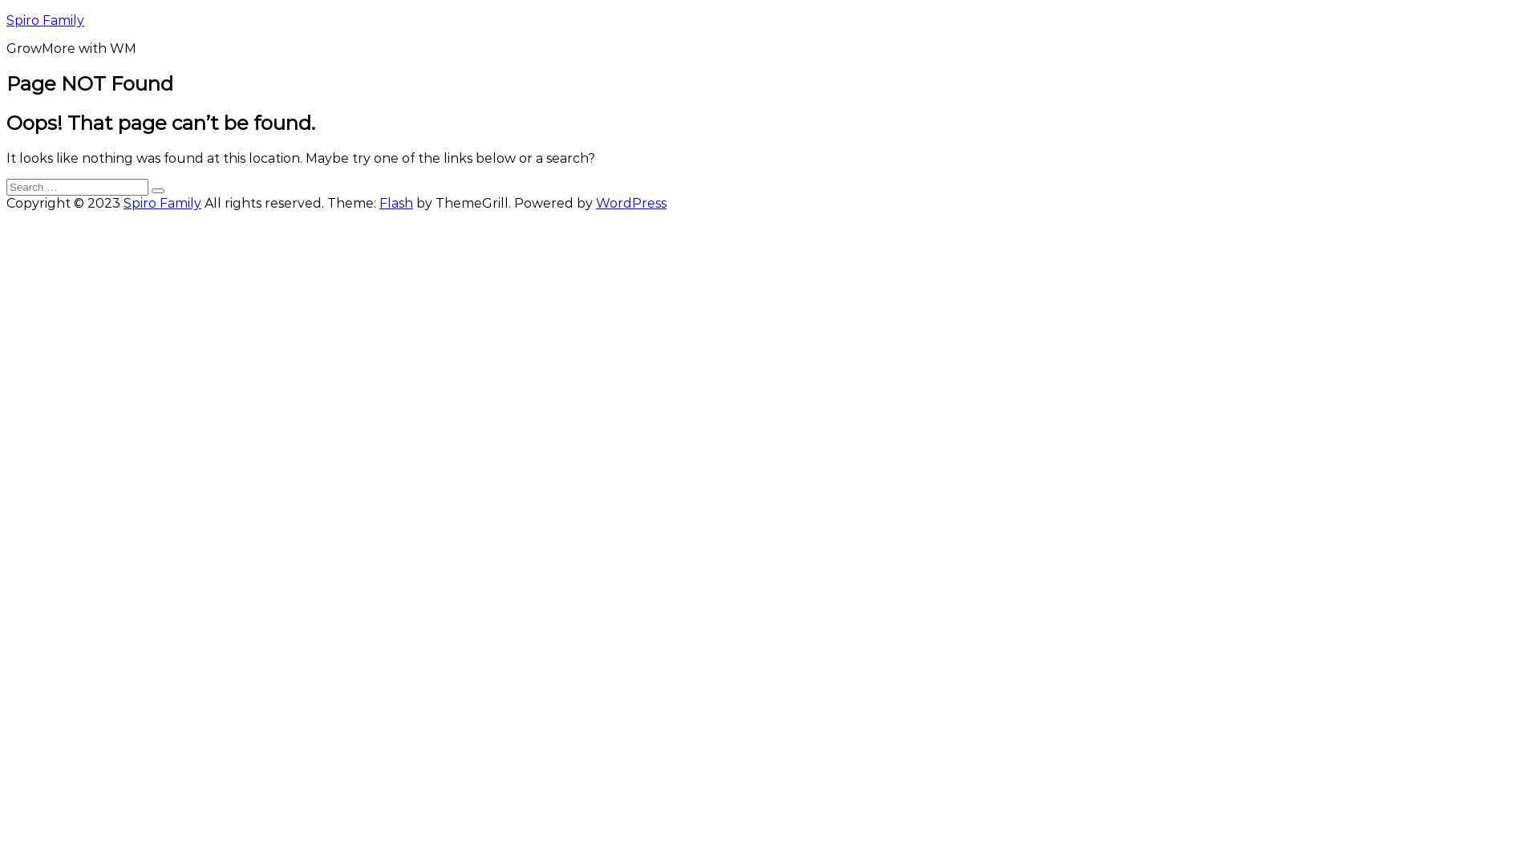  Describe the element at coordinates (157, 190) in the screenshot. I see `'Search'` at that location.